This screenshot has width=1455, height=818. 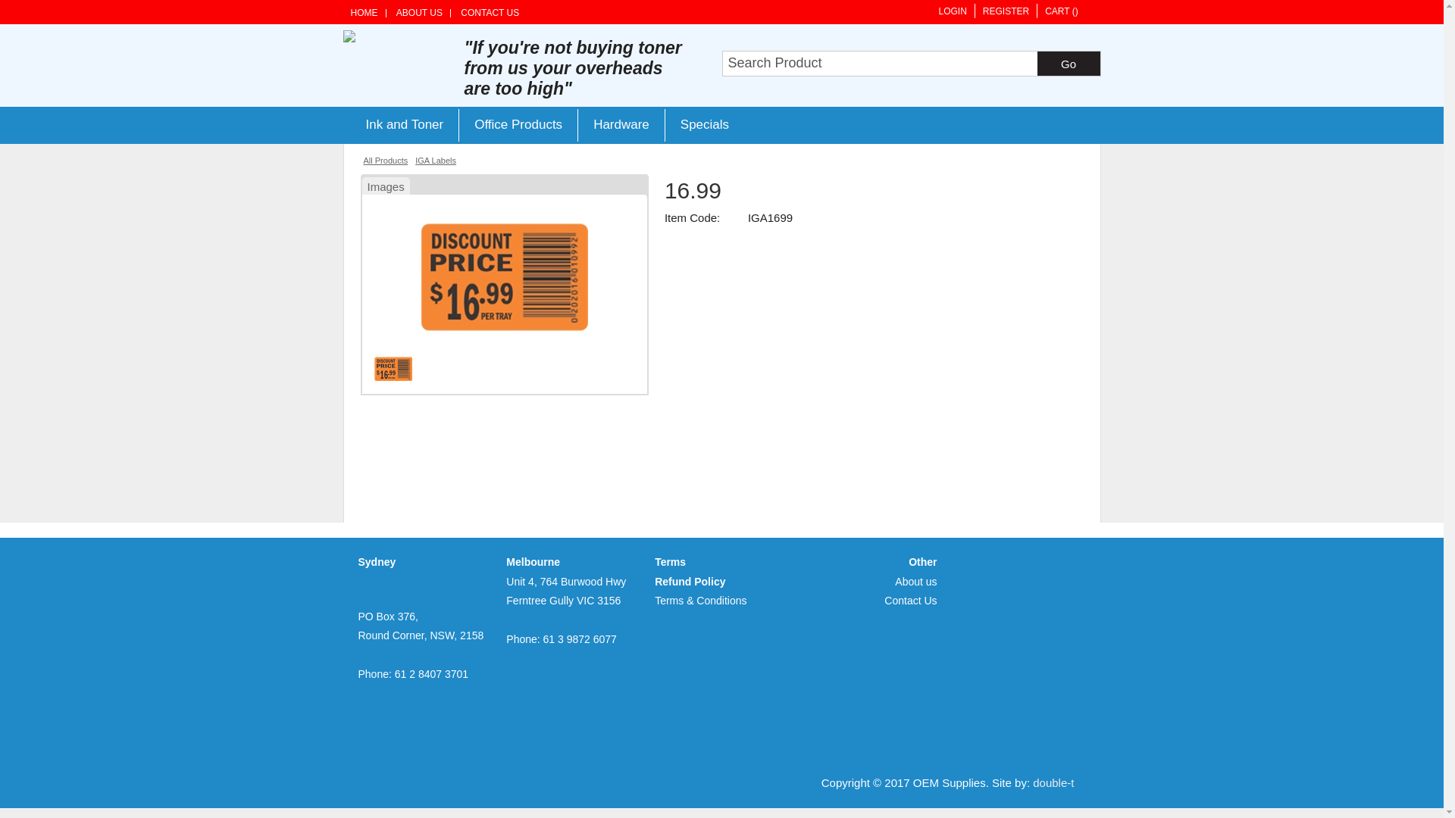 I want to click on 'IGA Labels', so click(x=435, y=161).